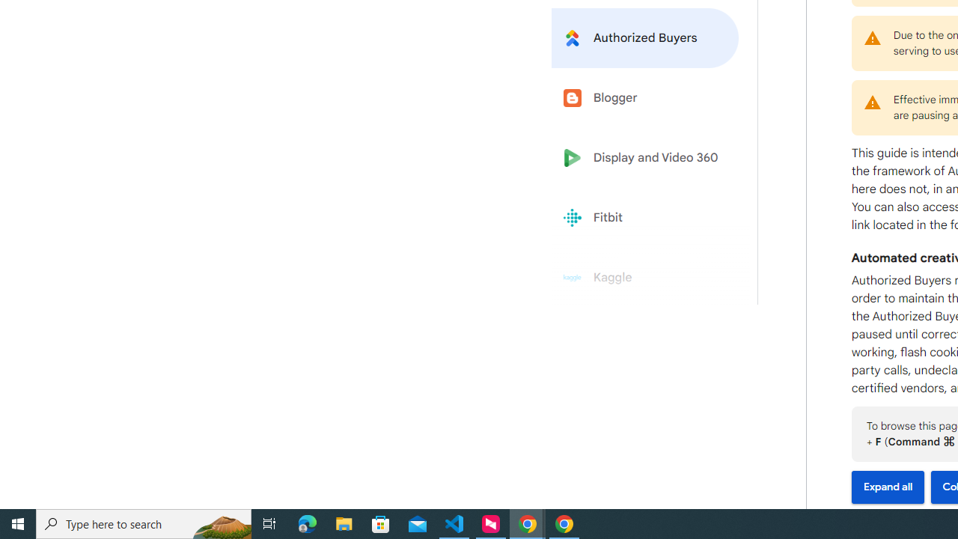 This screenshot has height=539, width=958. Describe the element at coordinates (645, 98) in the screenshot. I see `'Blogger'` at that location.